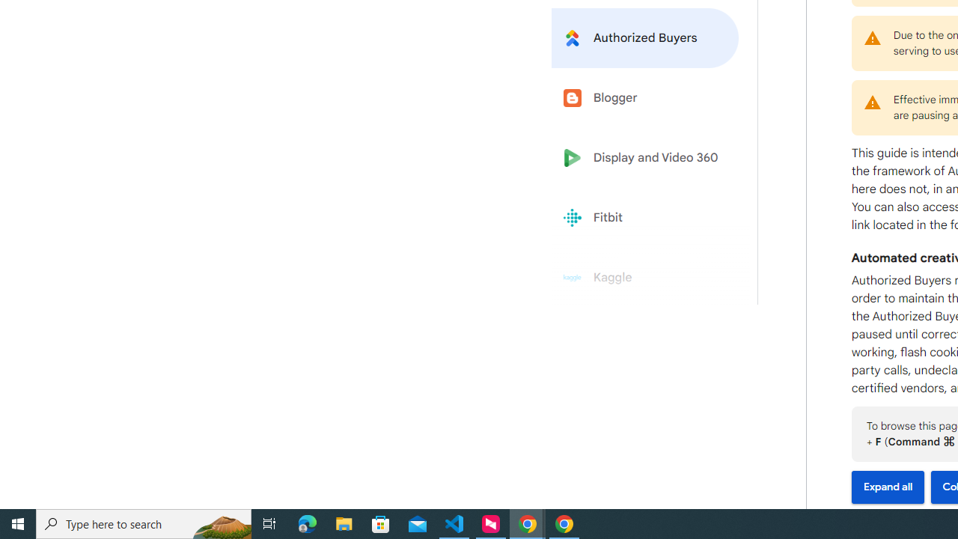 This screenshot has height=539, width=958. Describe the element at coordinates (645, 98) in the screenshot. I see `'Blogger'` at that location.